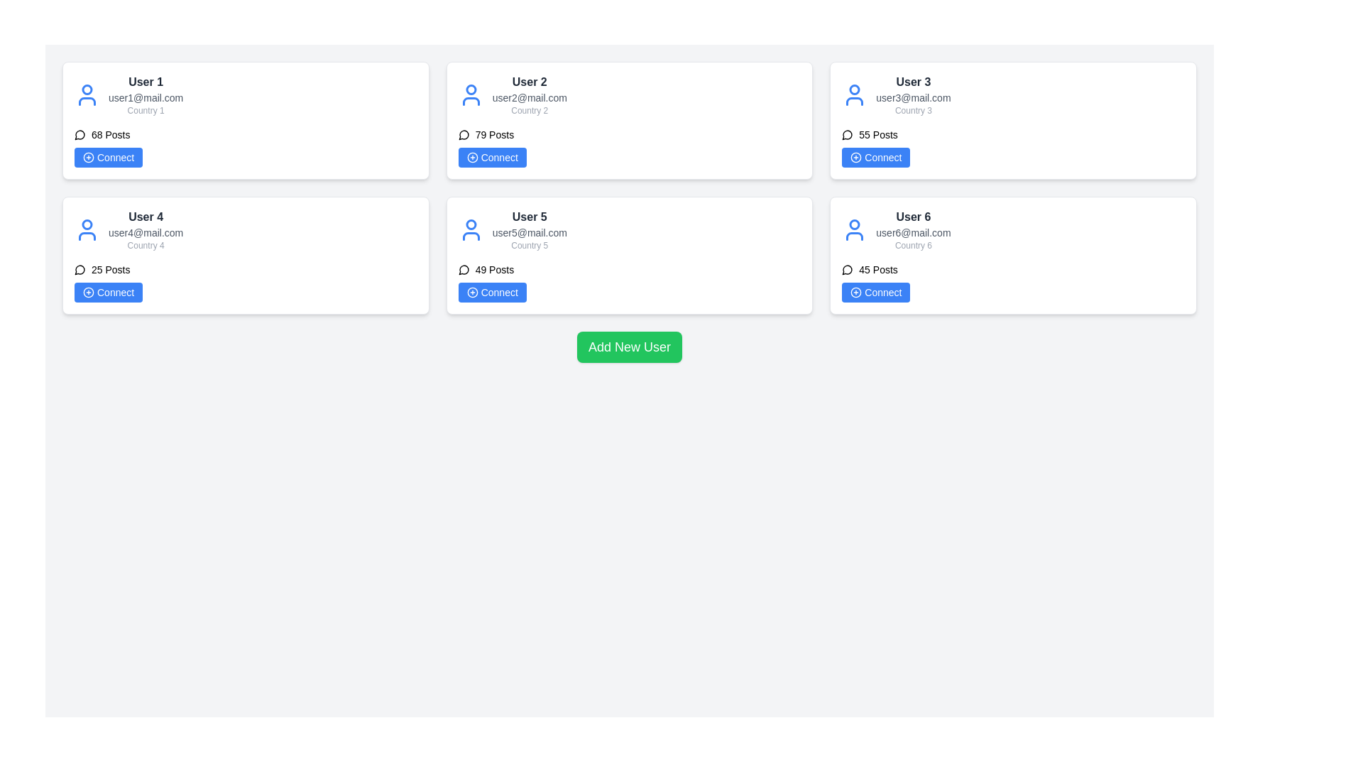  Describe the element at coordinates (529, 232) in the screenshot. I see `the email address text label located in the middle section of the user card labeled 'User 5', which is styled with a small font size and gray color, positioned below the user name 'User 5'` at that location.